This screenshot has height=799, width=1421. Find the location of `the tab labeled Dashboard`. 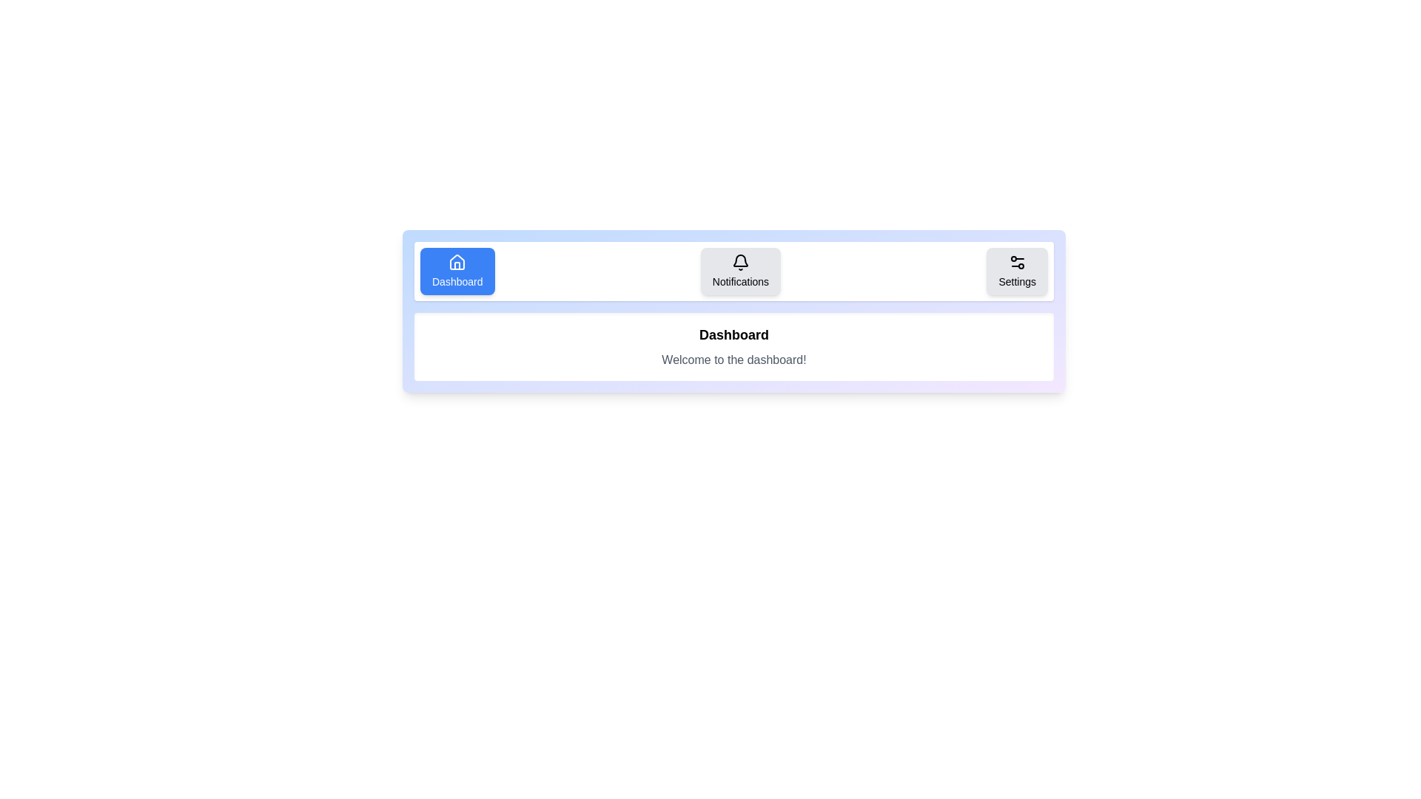

the tab labeled Dashboard is located at coordinates (457, 271).